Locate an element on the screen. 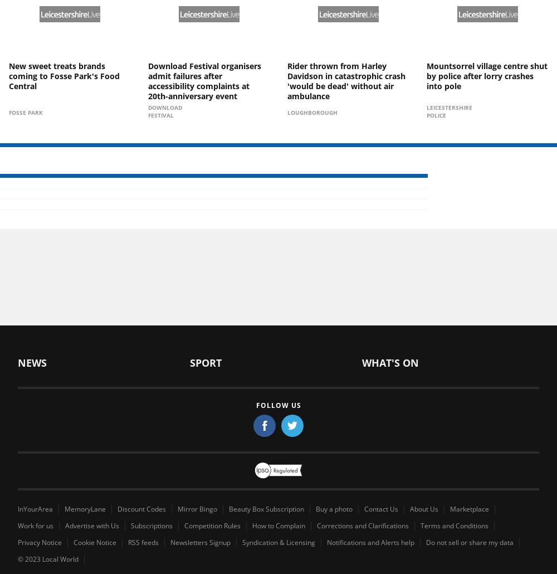 This screenshot has height=574, width=557. 'MemoryLane' is located at coordinates (85, 508).